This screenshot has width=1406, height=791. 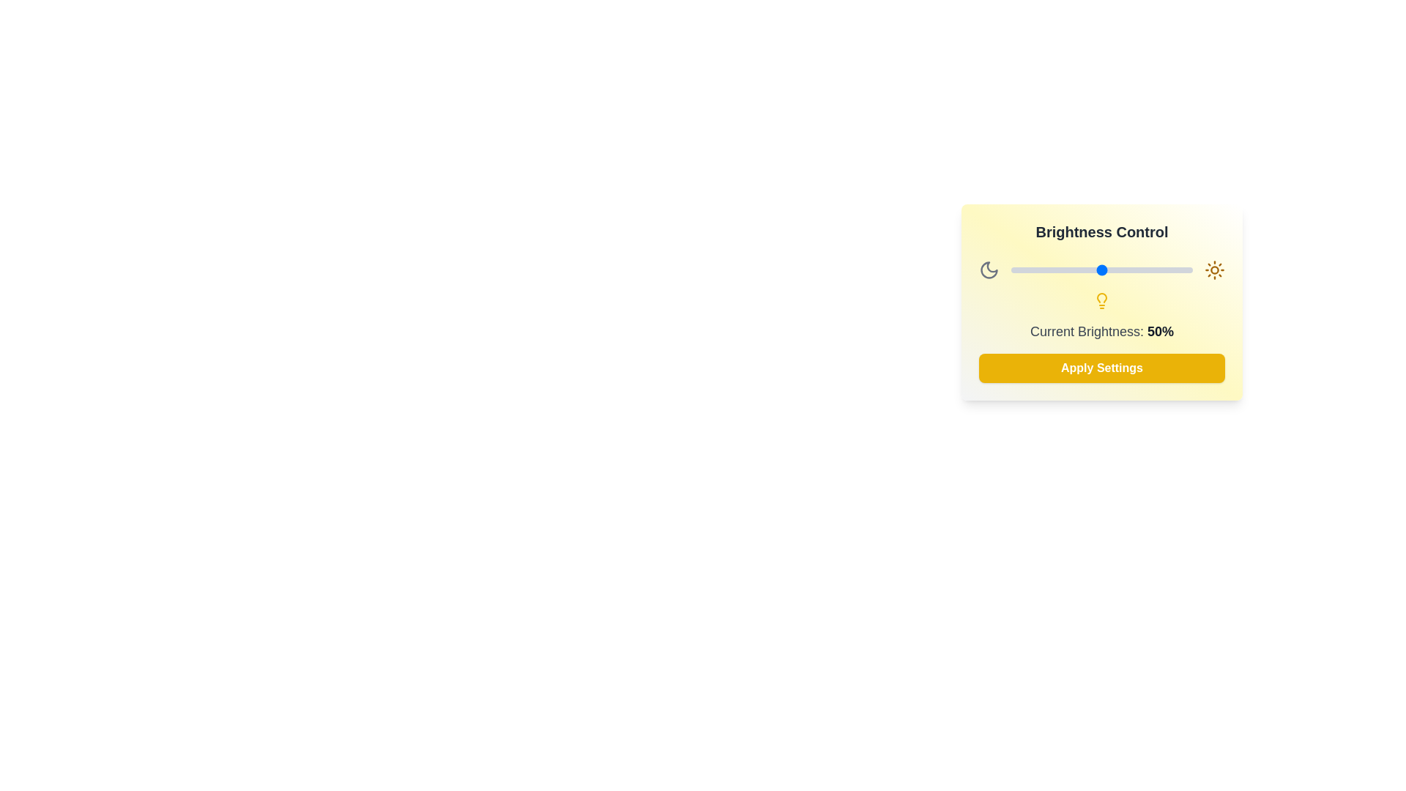 What do you see at coordinates (1102, 367) in the screenshot?
I see `the 'Apply Settings' button` at bounding box center [1102, 367].